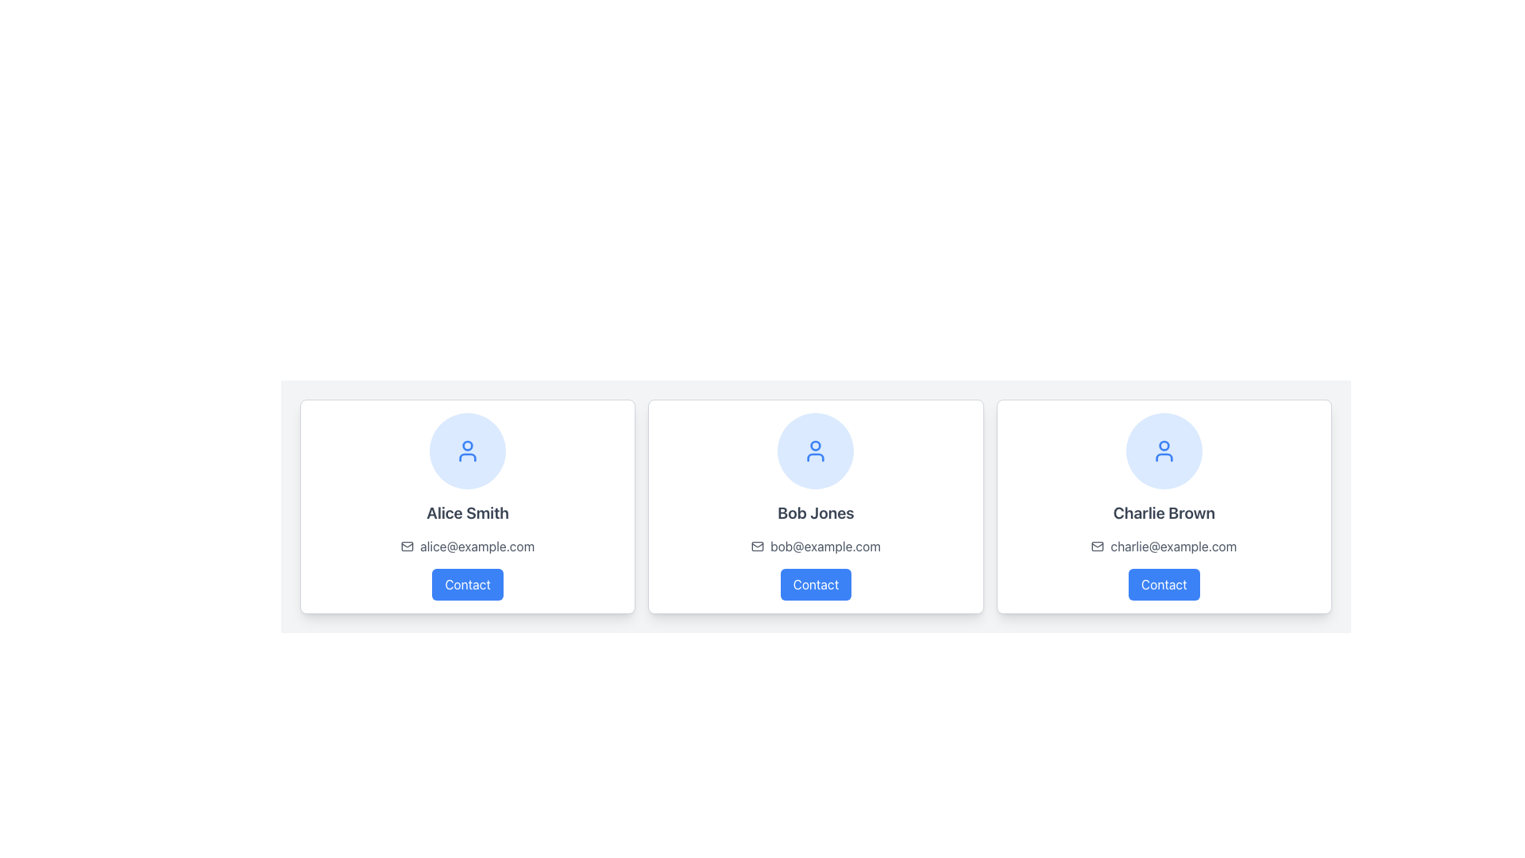 This screenshot has height=858, width=1525. I want to click on the email icon located in the top-left corner of Charlie Brown's user card, which visually indicates the email address 'charlie@example.com', so click(1097, 545).